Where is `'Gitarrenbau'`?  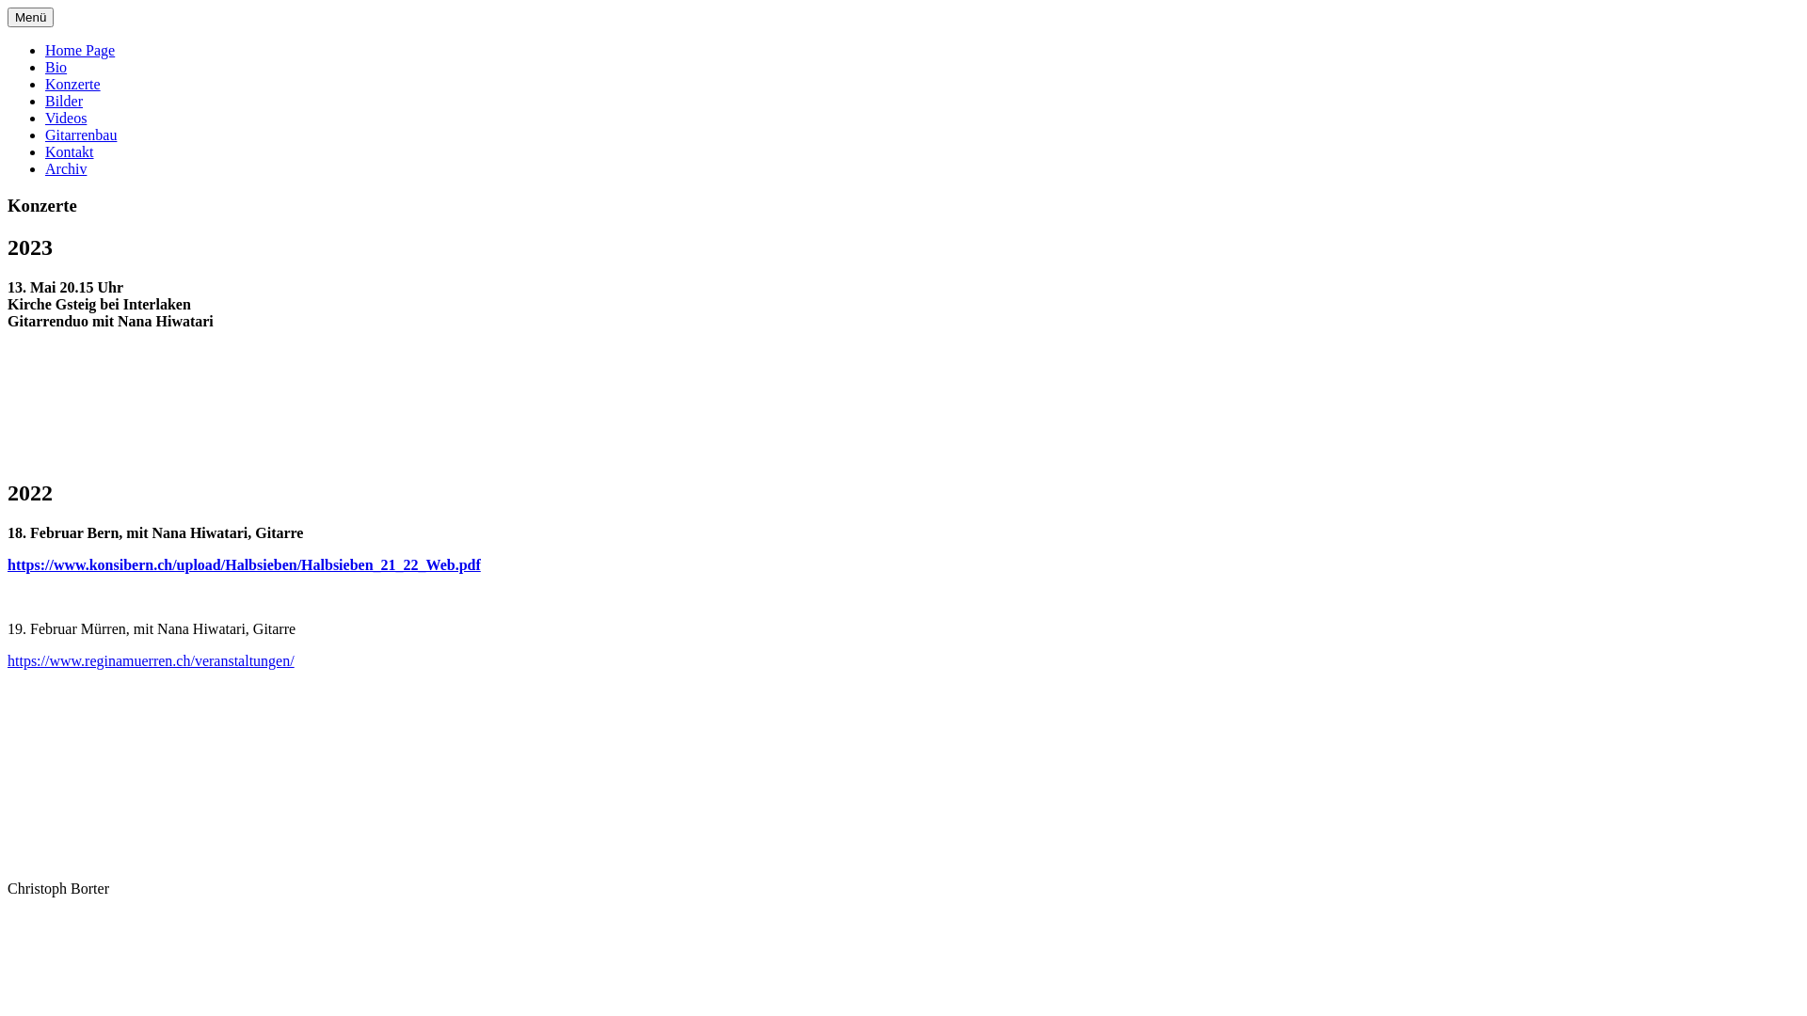
'Gitarrenbau' is located at coordinates (80, 134).